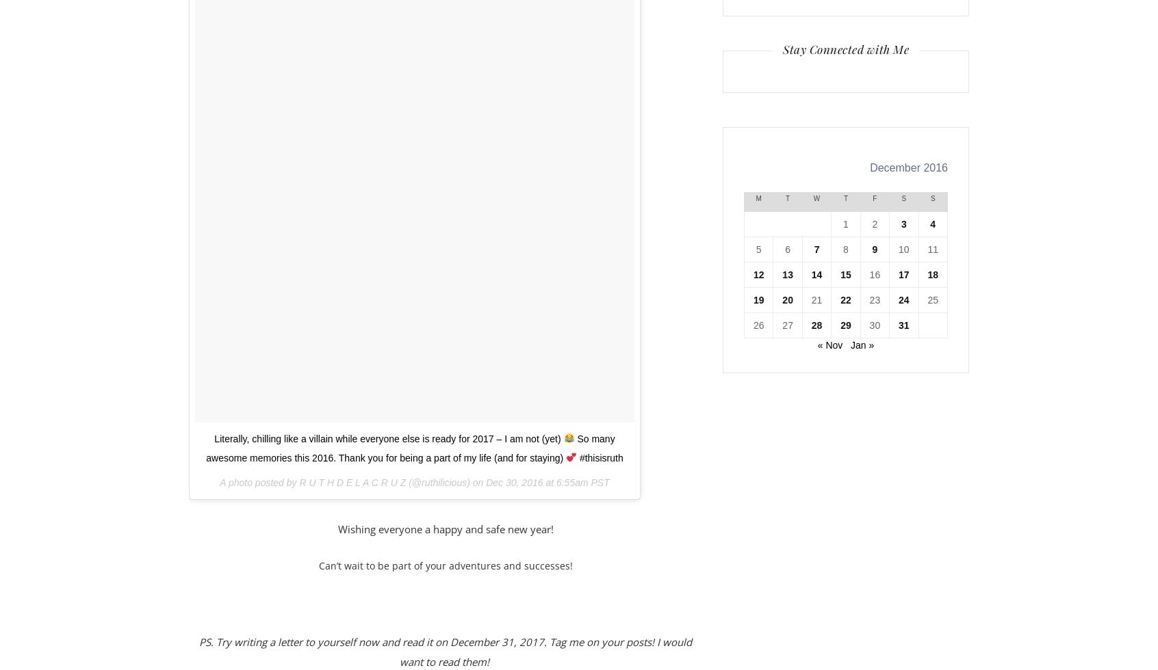  What do you see at coordinates (816, 299) in the screenshot?
I see `'21'` at bounding box center [816, 299].